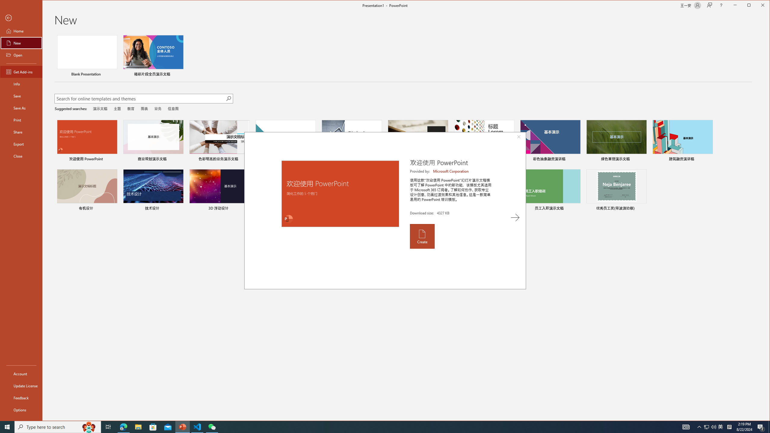 The width and height of the screenshot is (770, 433). I want to click on 'Search highlights icon opens search home window', so click(88, 426).